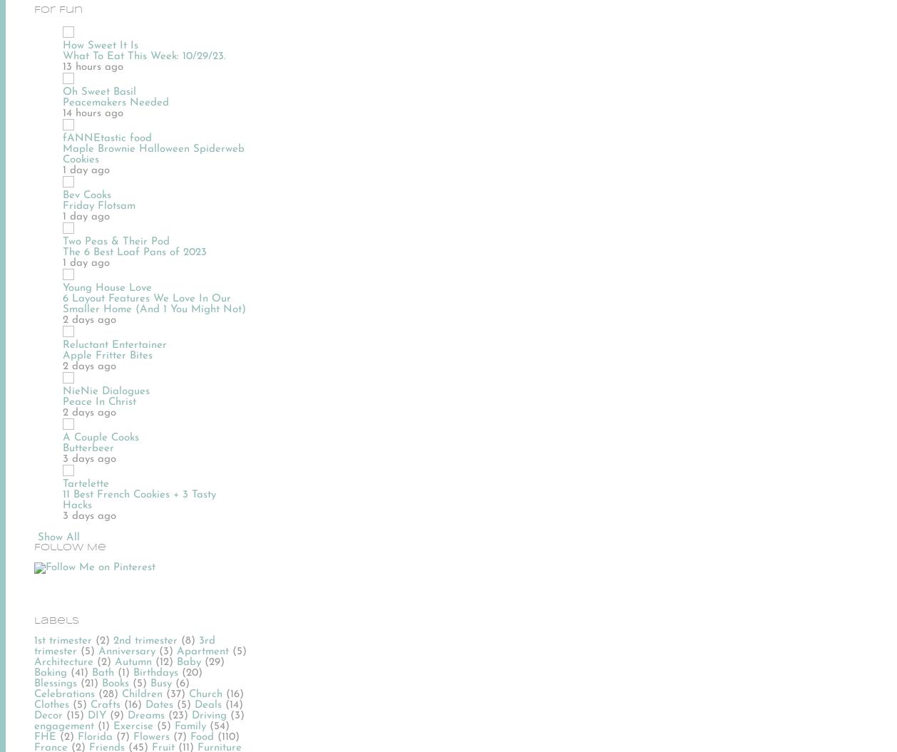 Image resolution: width=897 pixels, height=752 pixels. I want to click on '(8)', so click(188, 639).